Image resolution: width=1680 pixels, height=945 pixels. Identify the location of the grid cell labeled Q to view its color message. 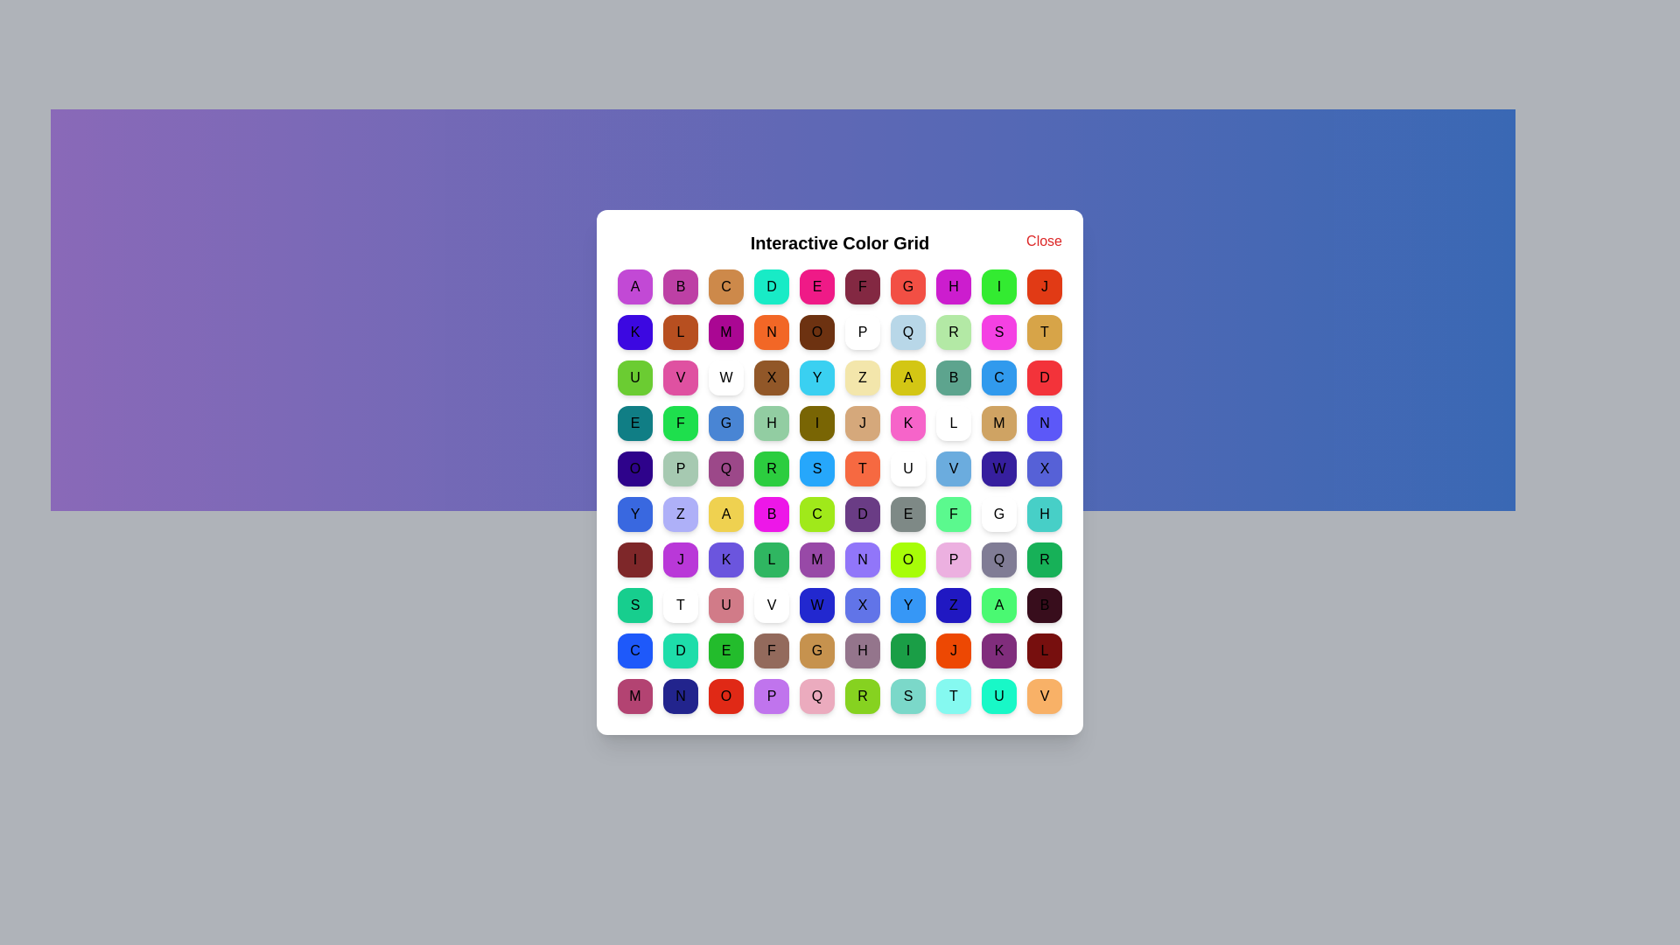
(907, 332).